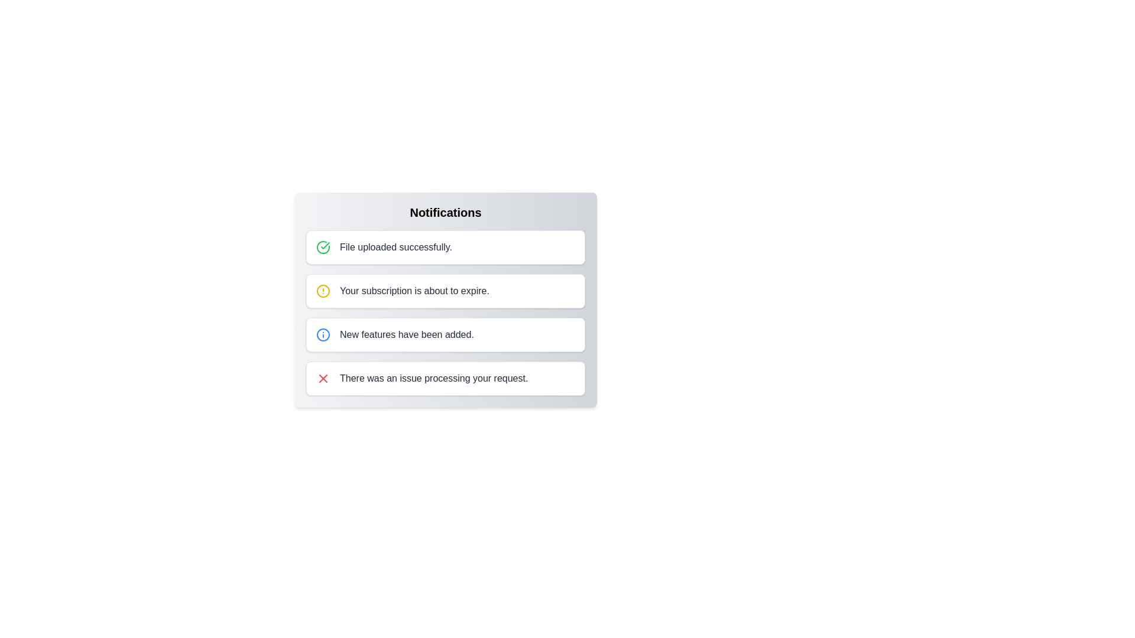  Describe the element at coordinates (445, 312) in the screenshot. I see `the notification card within the notifications panel, which is centrally located and contains multiple distinct cards` at that location.